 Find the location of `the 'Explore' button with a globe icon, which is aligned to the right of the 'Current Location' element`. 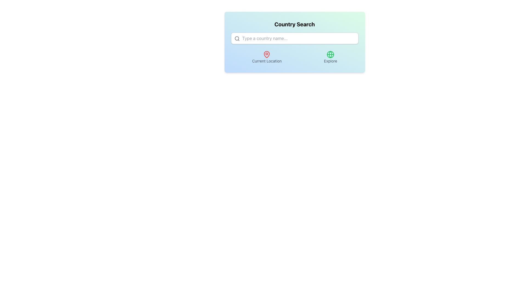

the 'Explore' button with a globe icon, which is aligned to the right of the 'Current Location' element is located at coordinates (330, 57).